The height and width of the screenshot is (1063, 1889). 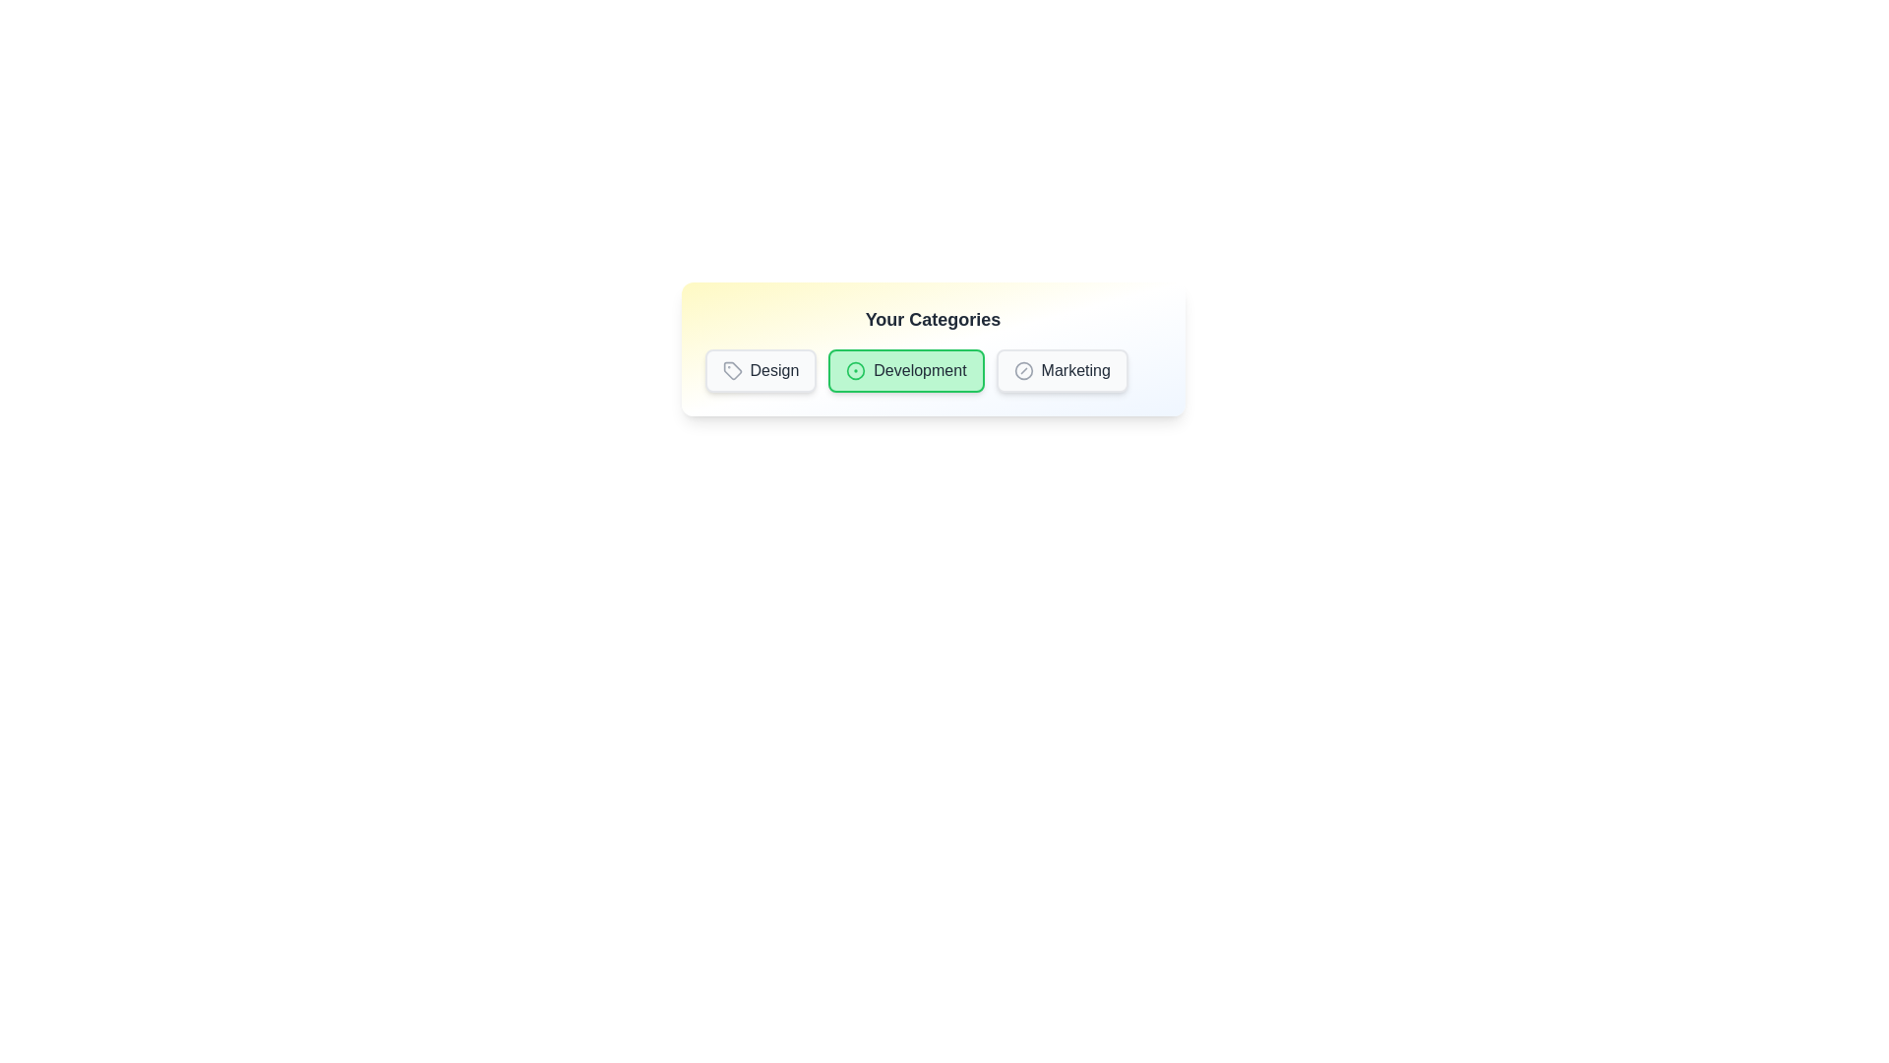 What do you see at coordinates (759, 371) in the screenshot?
I see `the badge labeled Design` at bounding box center [759, 371].